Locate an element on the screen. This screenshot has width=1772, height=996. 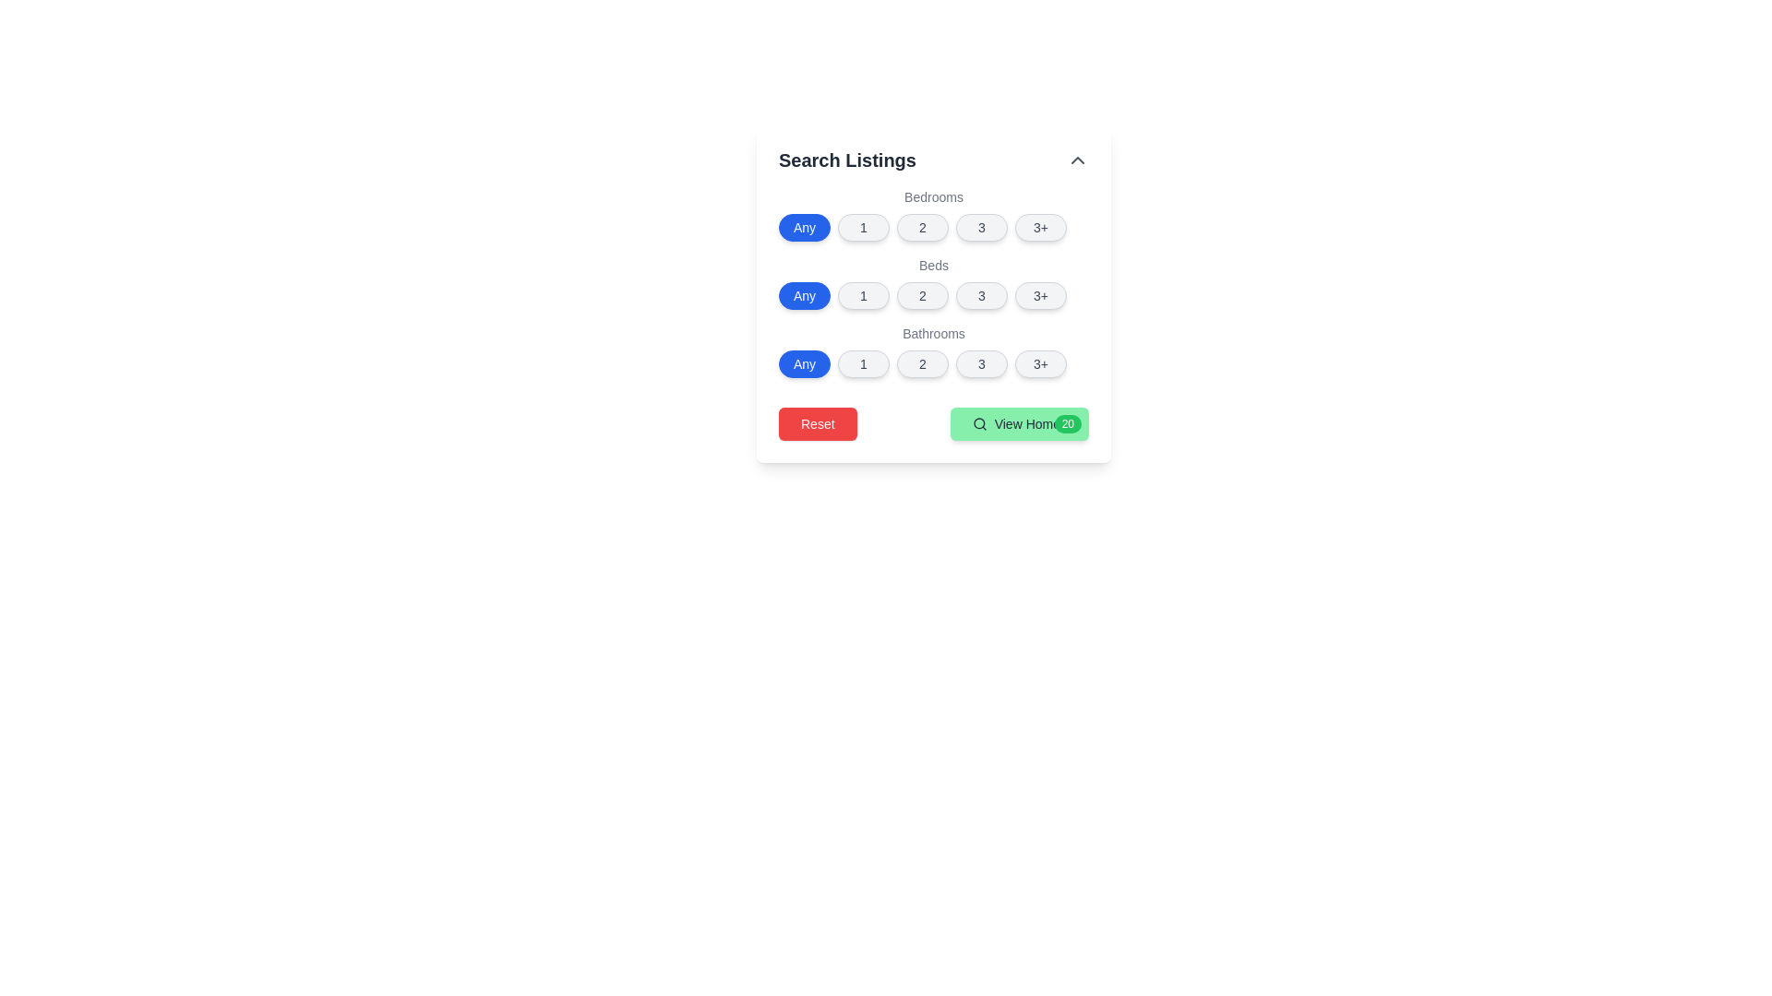
the pill-shaped button labeled 'Any' to observe its hover effects is located at coordinates (805, 294).